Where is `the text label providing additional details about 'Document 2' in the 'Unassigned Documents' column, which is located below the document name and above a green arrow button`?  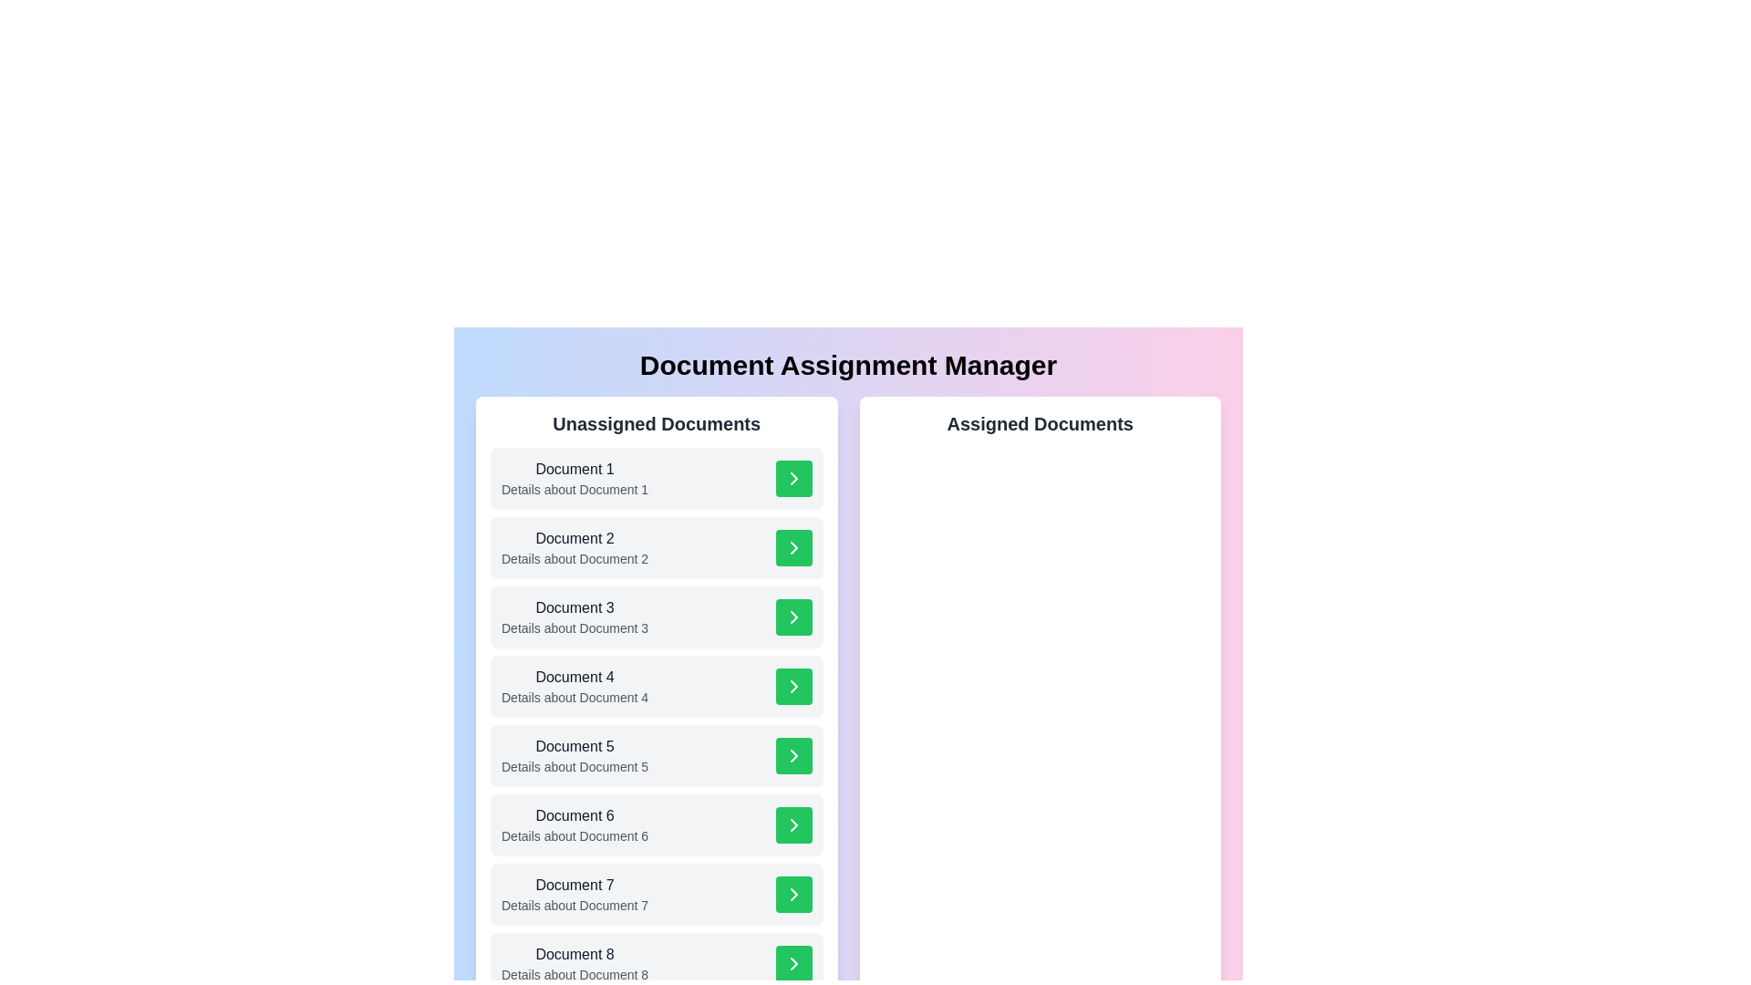 the text label providing additional details about 'Document 2' in the 'Unassigned Documents' column, which is located below the document name and above a green arrow button is located at coordinates (574, 558).